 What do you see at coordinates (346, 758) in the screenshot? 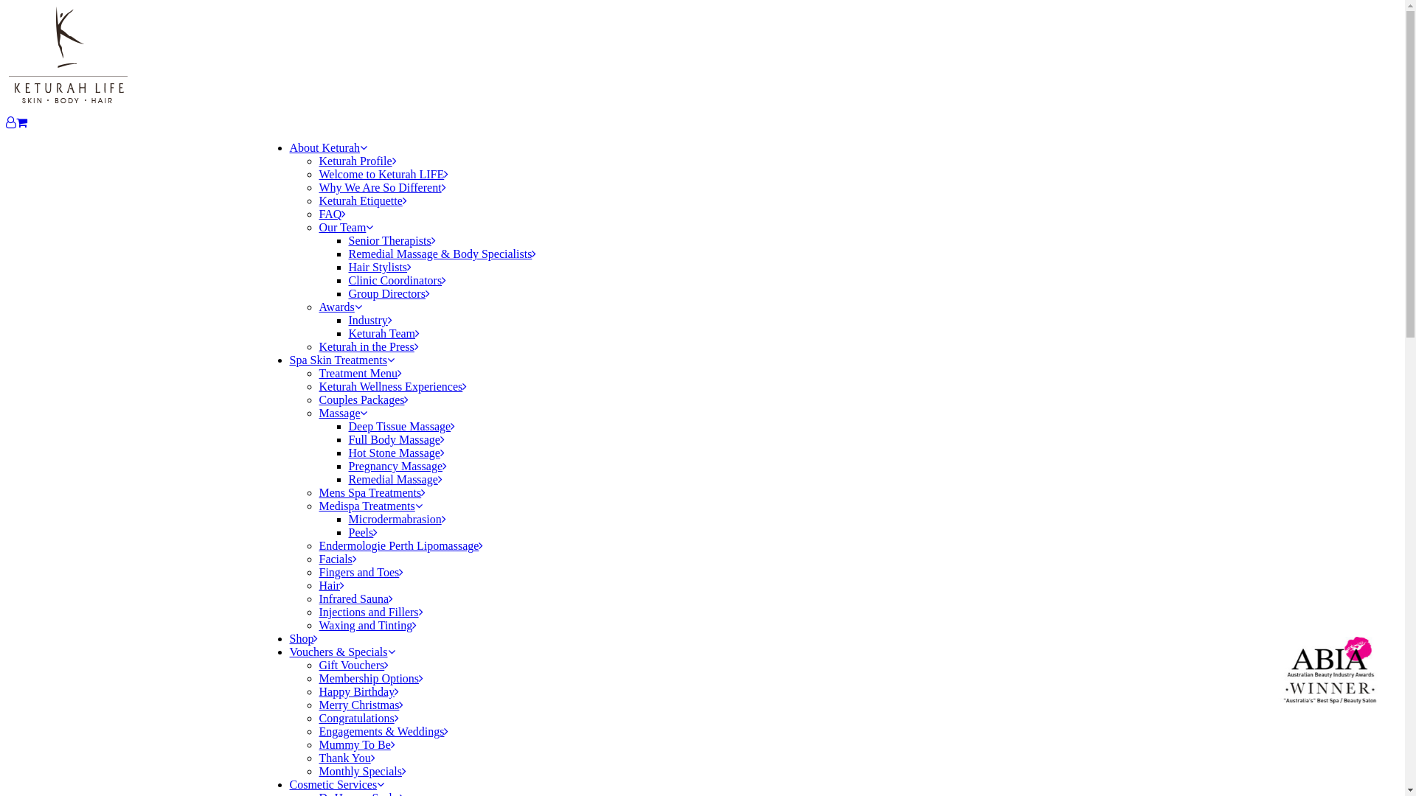
I see `'Thank You'` at bounding box center [346, 758].